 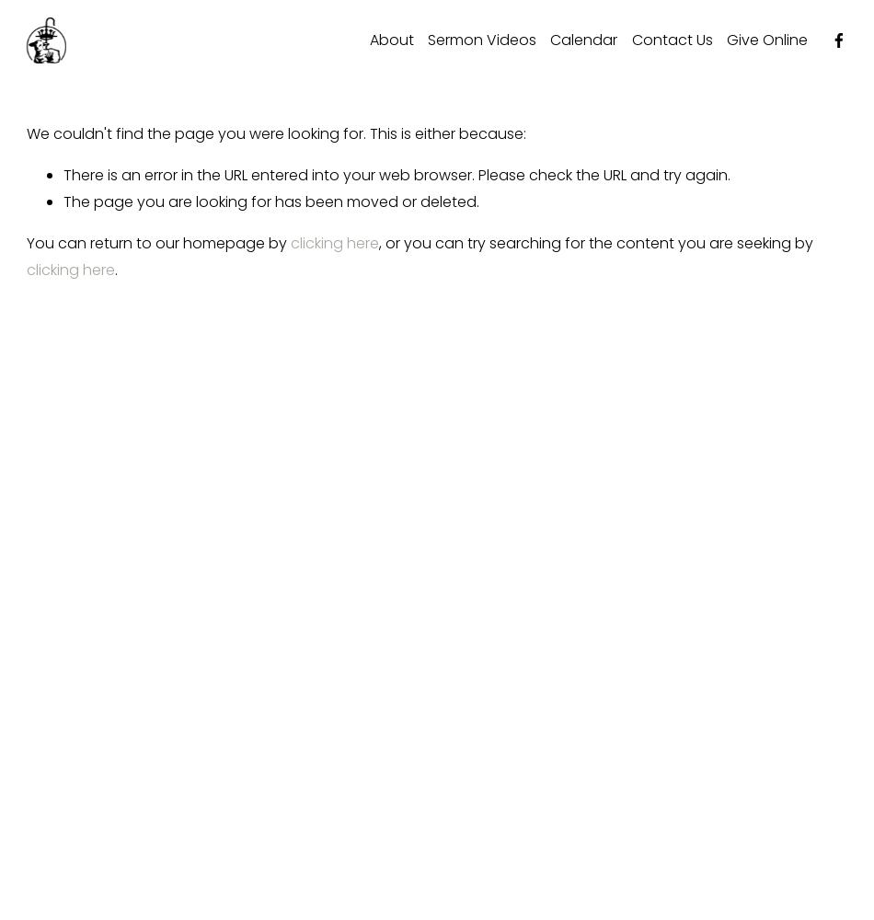 I want to click on 'Contact Us', so click(x=670, y=39).